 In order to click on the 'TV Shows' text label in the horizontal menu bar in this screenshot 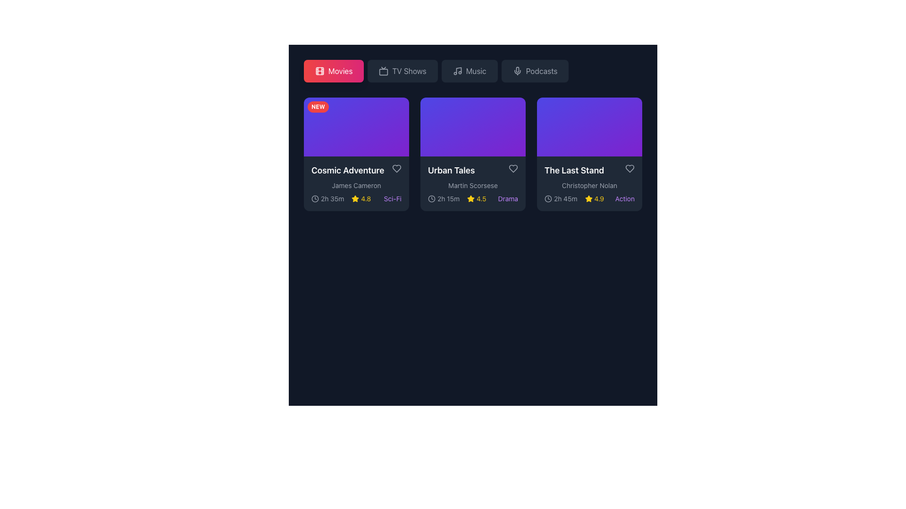, I will do `click(409, 70)`.